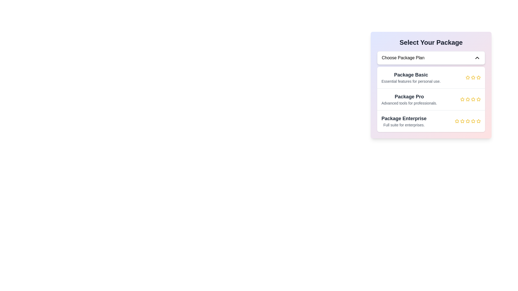 Image resolution: width=518 pixels, height=291 pixels. What do you see at coordinates (431, 120) in the screenshot?
I see `the 'Package Enterprise' selectable list item` at bounding box center [431, 120].